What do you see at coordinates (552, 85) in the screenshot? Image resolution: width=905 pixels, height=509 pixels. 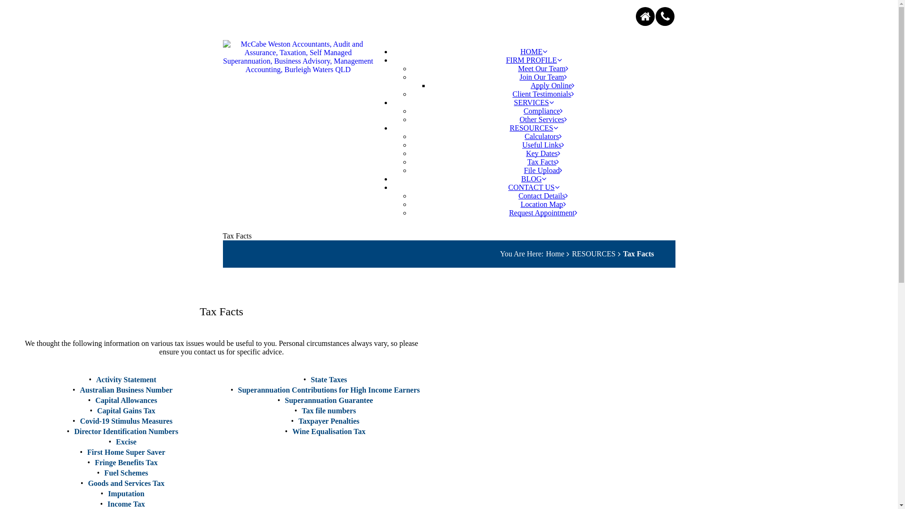 I see `'Apply Online'` at bounding box center [552, 85].